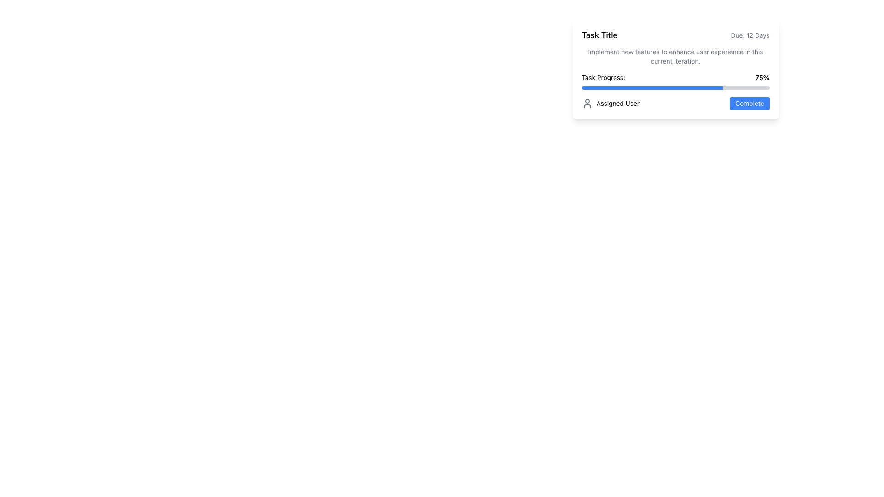  What do you see at coordinates (675, 88) in the screenshot?
I see `the progress bar that is styled with a gray background and a blue segment representing 75% completion, located below the 'Task Progress: 75%' label` at bounding box center [675, 88].